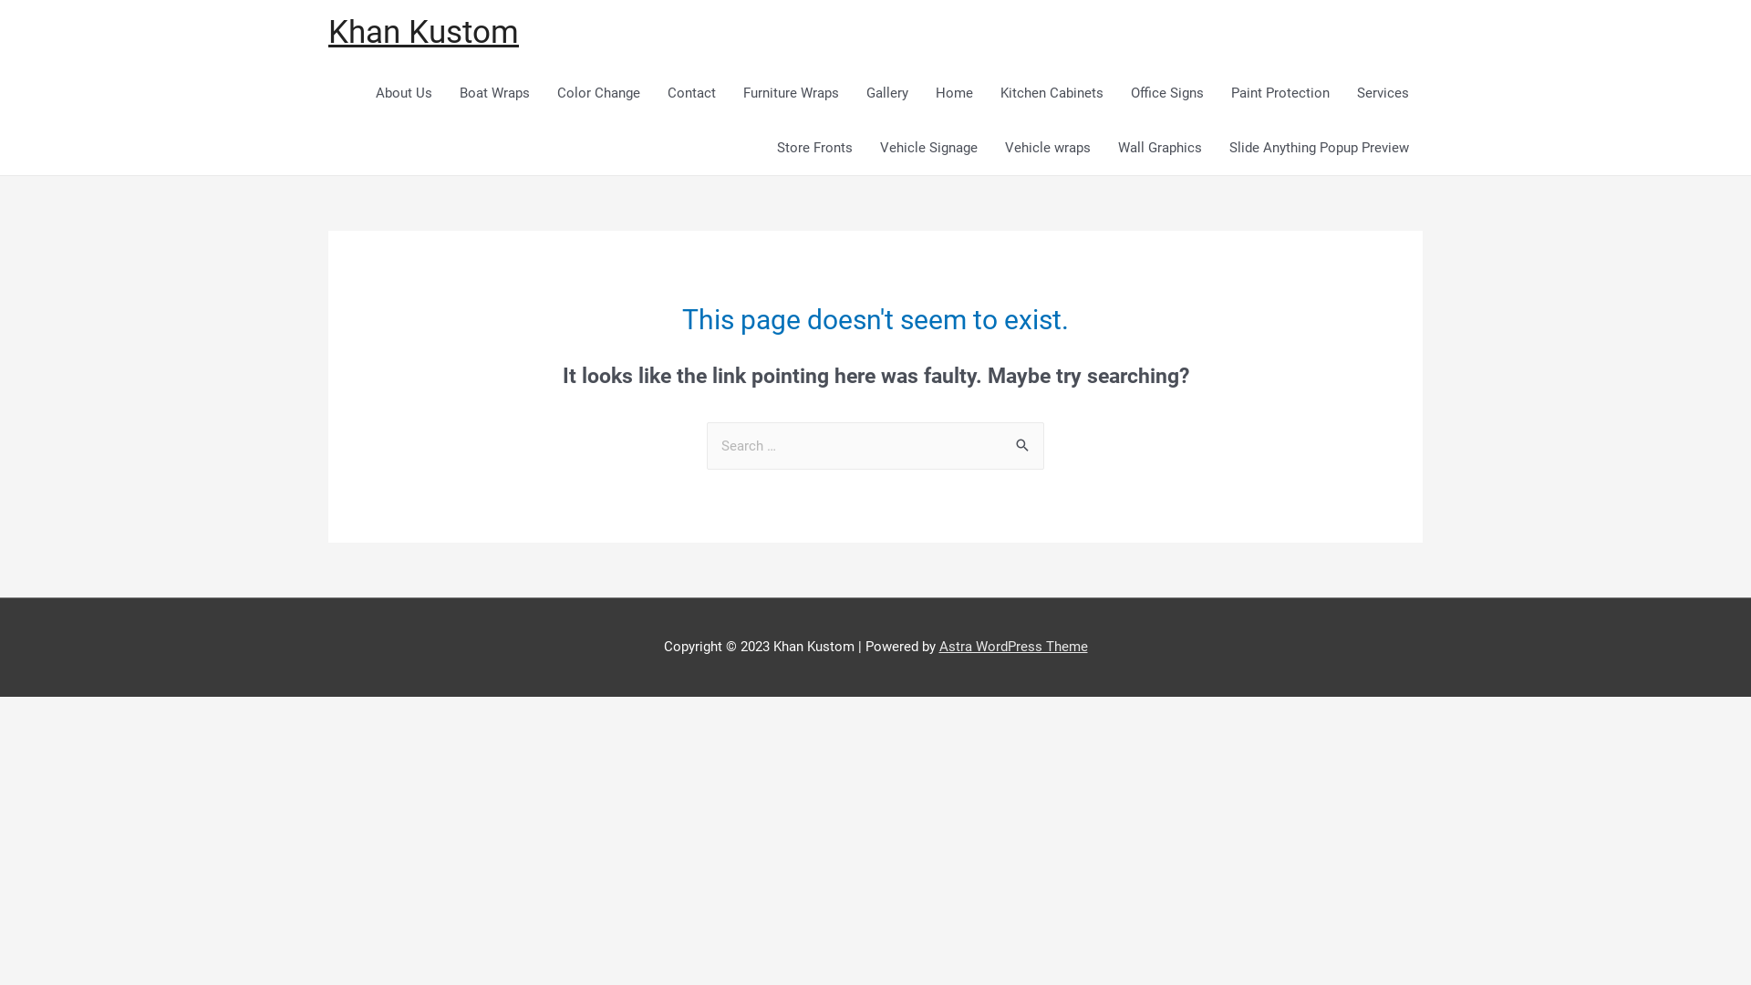 Image resolution: width=1751 pixels, height=985 pixels. Describe the element at coordinates (1047, 147) in the screenshot. I see `'Vehicle wraps'` at that location.